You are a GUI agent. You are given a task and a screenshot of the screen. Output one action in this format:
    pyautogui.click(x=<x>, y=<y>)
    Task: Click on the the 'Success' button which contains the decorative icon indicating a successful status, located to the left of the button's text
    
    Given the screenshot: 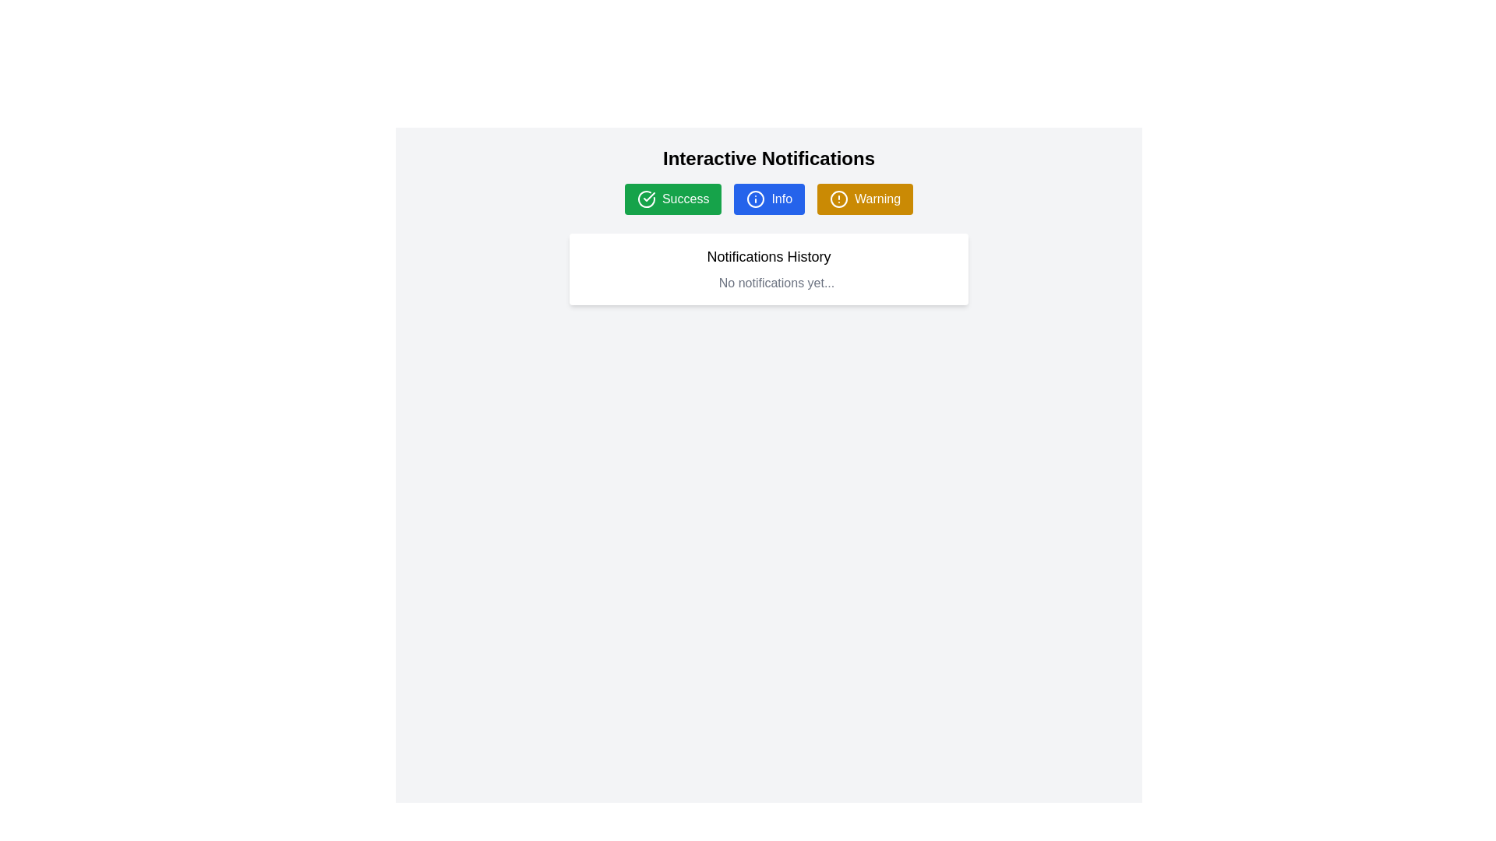 What is the action you would take?
    pyautogui.click(x=646, y=198)
    